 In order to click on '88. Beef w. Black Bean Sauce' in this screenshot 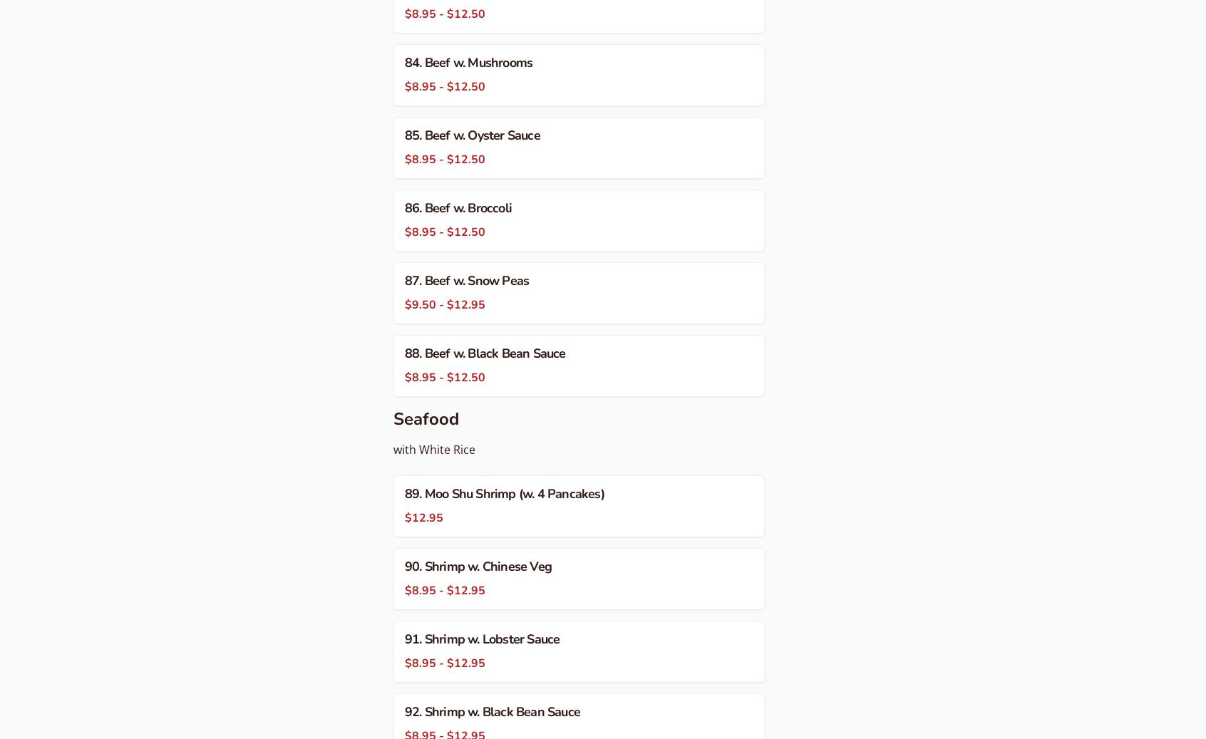, I will do `click(485, 352)`.